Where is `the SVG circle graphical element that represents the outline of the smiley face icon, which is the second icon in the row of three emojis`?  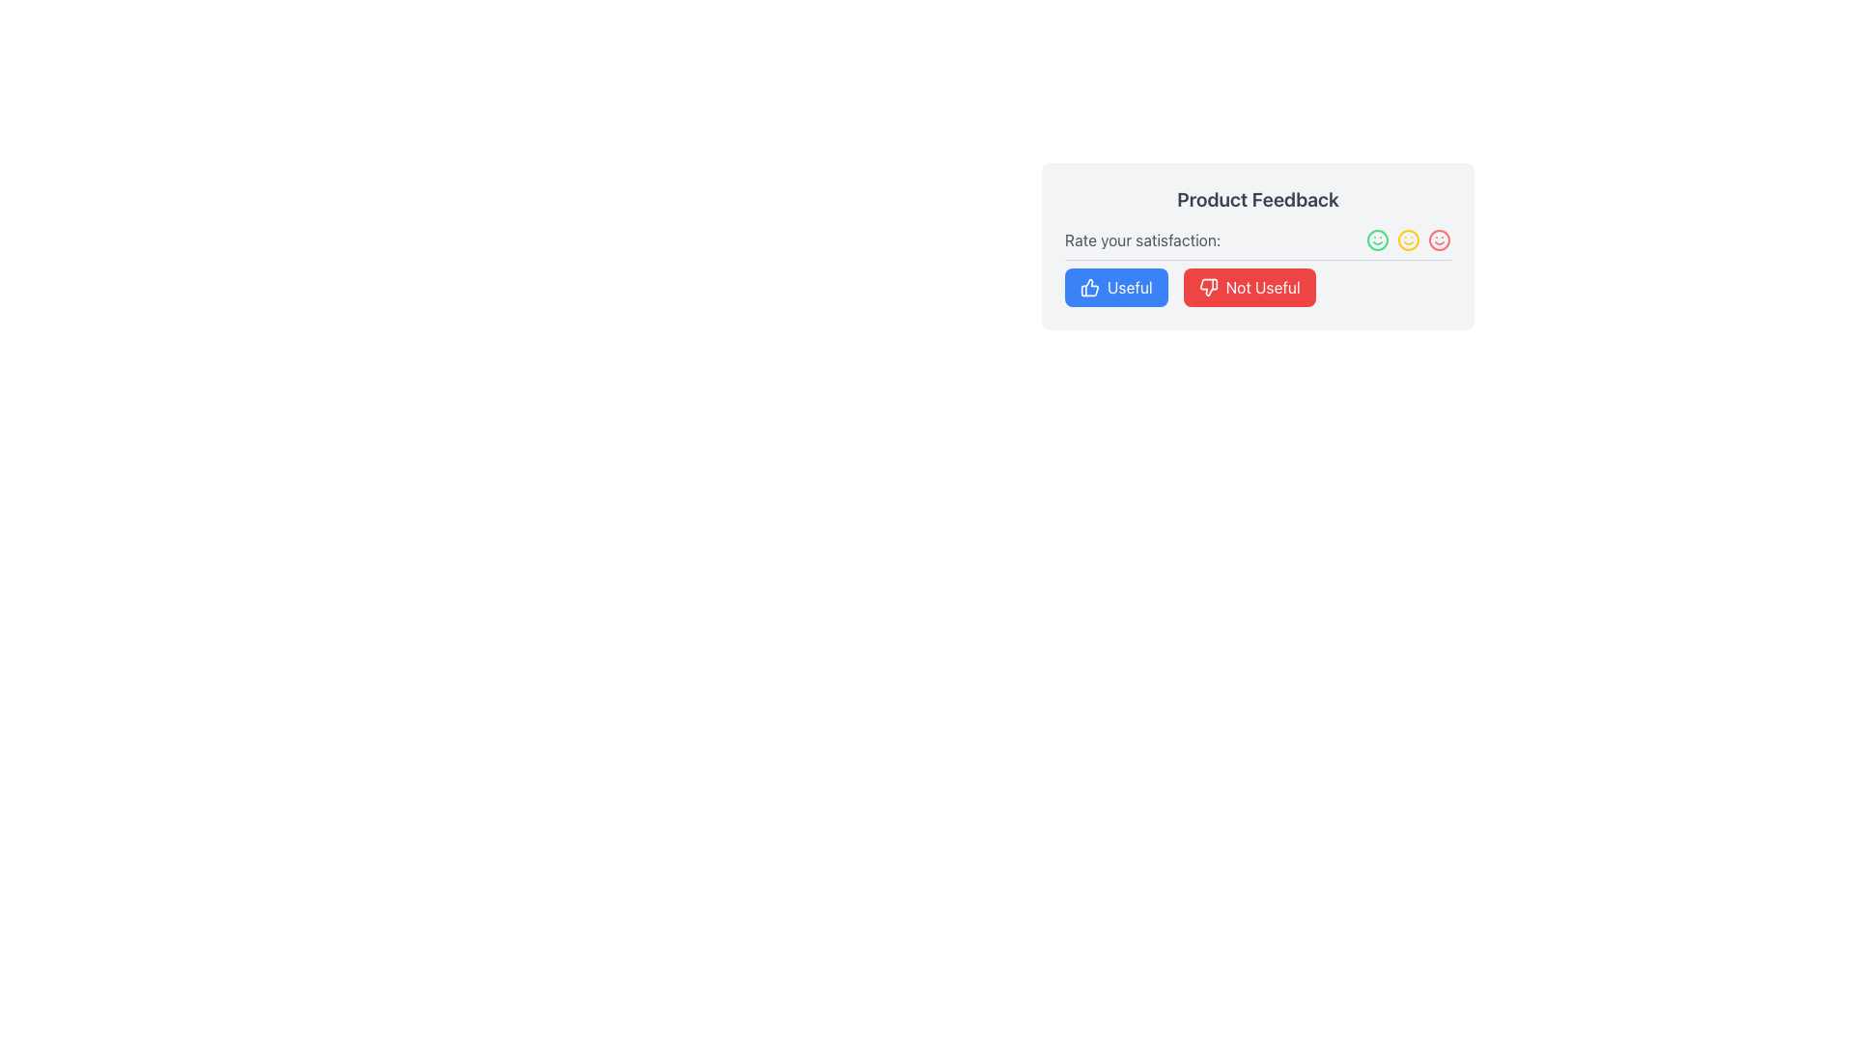
the SVG circle graphical element that represents the outline of the smiley face icon, which is the second icon in the row of three emojis is located at coordinates (1409, 240).